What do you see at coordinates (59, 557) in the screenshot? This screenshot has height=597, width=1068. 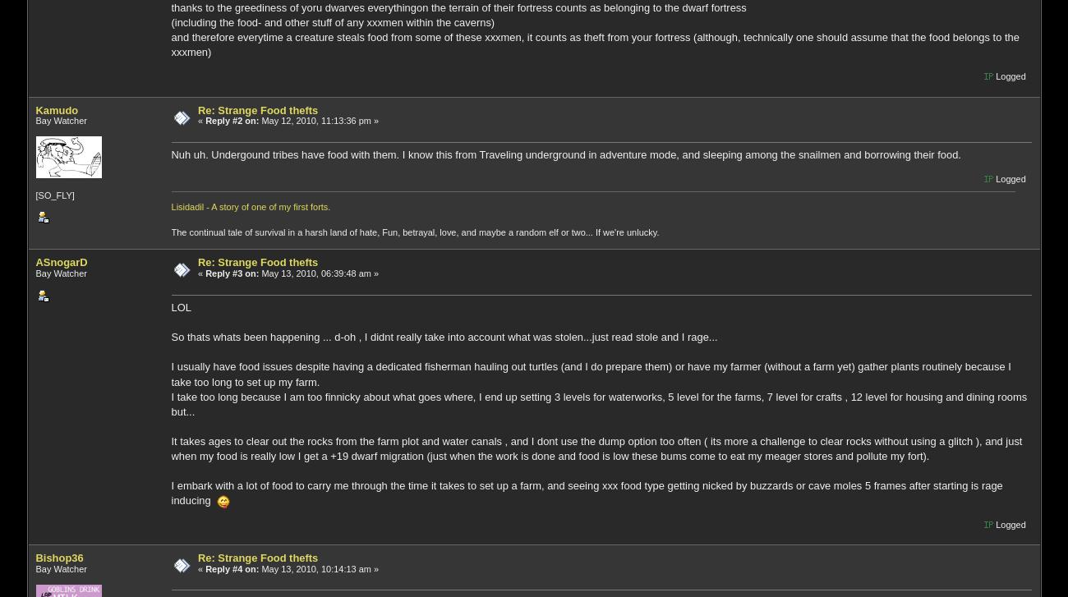 I see `'Bishop36'` at bounding box center [59, 557].